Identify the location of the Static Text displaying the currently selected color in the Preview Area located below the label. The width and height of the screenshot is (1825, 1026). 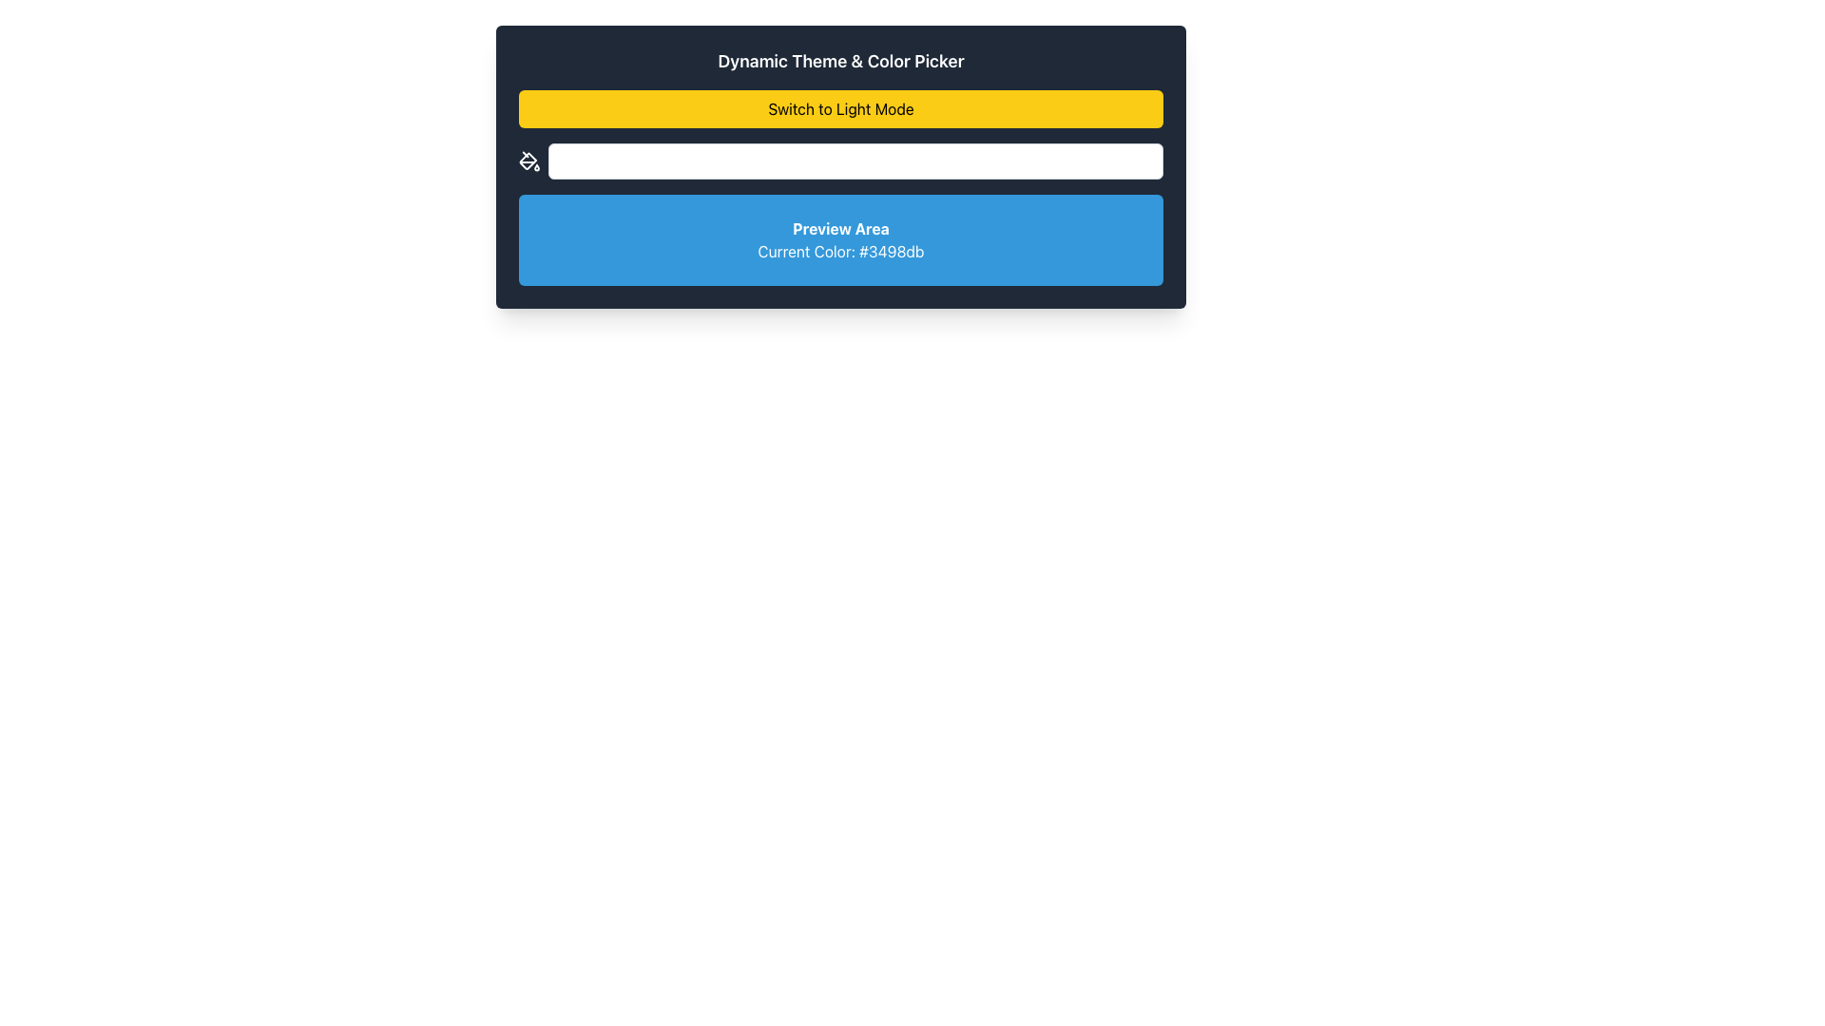
(839, 251).